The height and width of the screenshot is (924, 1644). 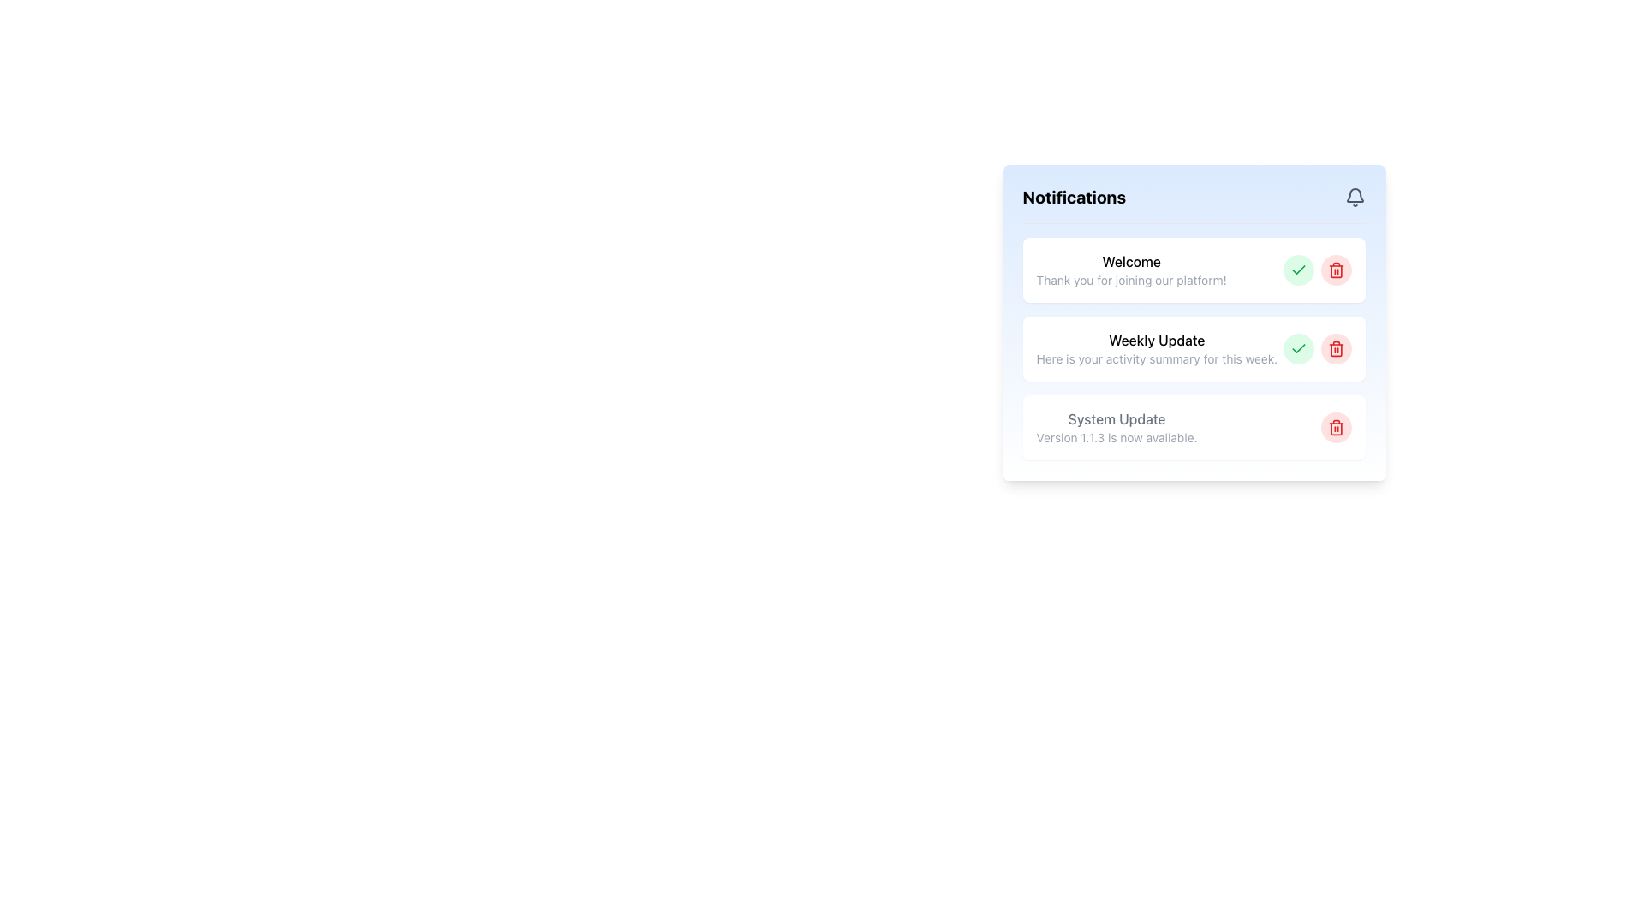 I want to click on the static text element that serves as a title or heading for the notification, located directly above the subtext 'Thank you for joining our platform!', so click(x=1131, y=261).